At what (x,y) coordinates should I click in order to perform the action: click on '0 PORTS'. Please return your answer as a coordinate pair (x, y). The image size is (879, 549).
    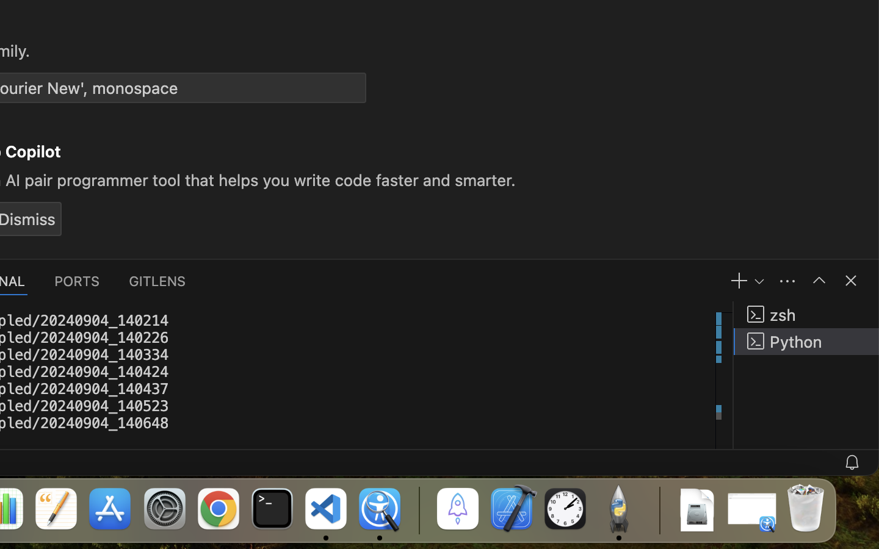
    Looking at the image, I should click on (77, 279).